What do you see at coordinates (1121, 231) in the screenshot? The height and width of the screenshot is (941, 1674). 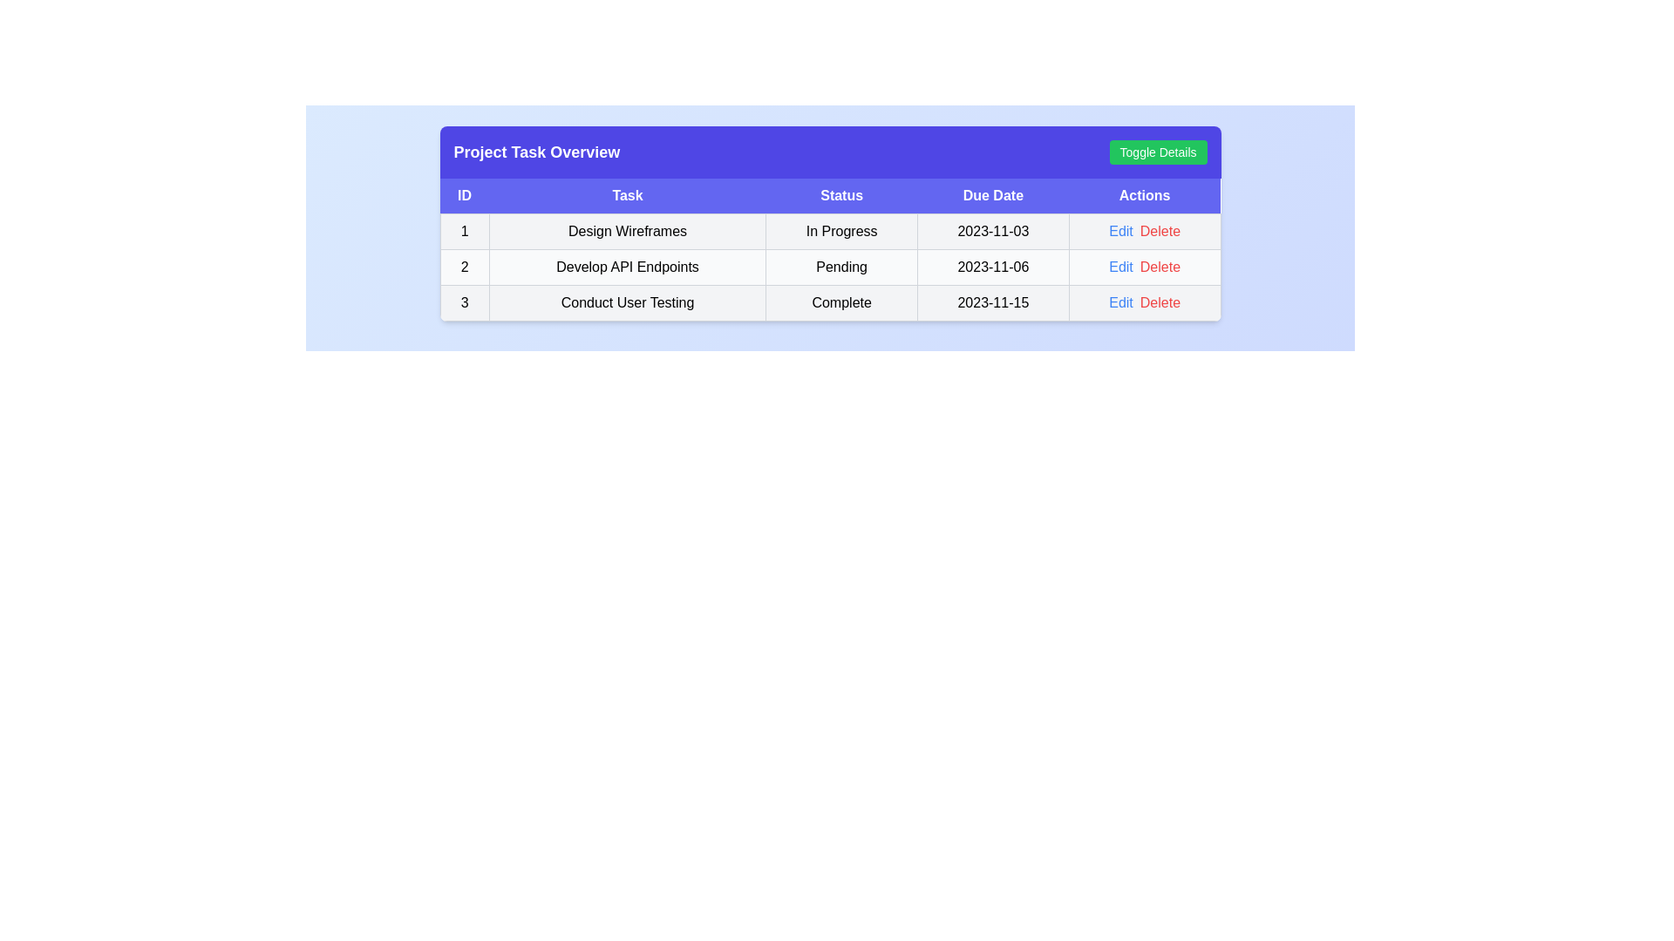 I see `the 'Edit' button corresponding to the task with ID 1` at bounding box center [1121, 231].